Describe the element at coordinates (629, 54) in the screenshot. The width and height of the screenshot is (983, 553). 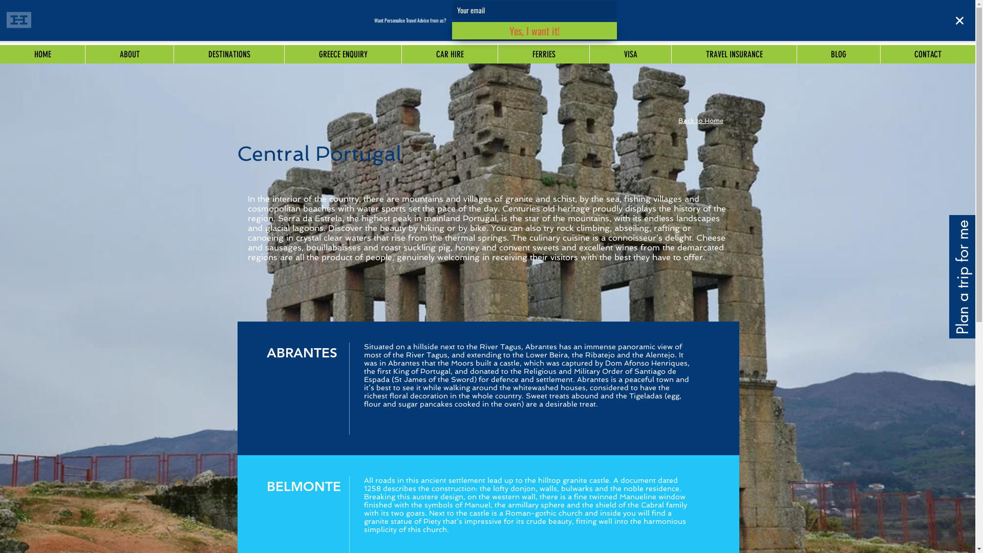
I see `'VISA'` at that location.